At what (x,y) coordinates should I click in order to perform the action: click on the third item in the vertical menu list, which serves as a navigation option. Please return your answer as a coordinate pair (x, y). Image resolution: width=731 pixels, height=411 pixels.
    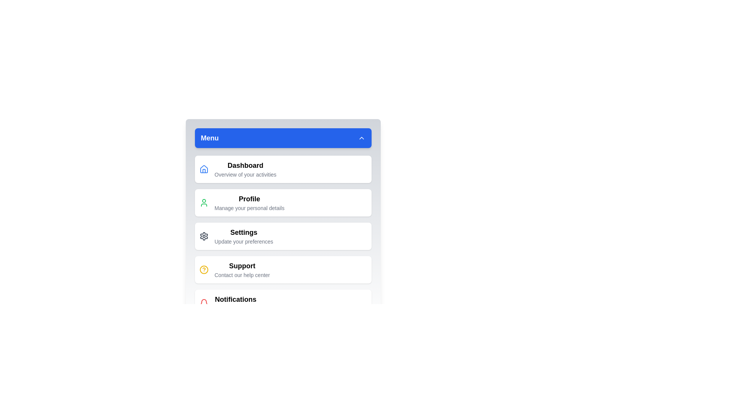
    Looking at the image, I should click on (244, 236).